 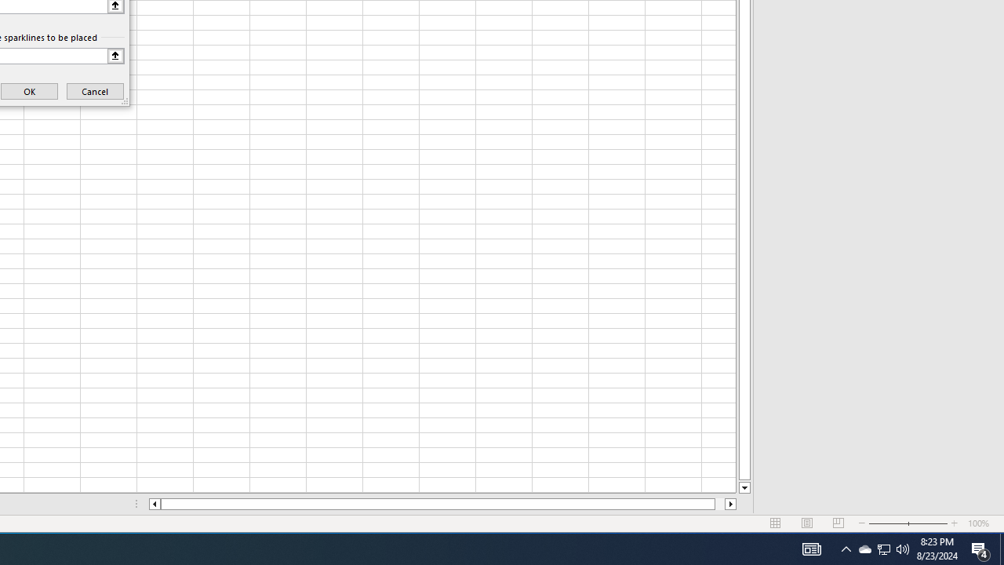 I want to click on 'Class: NetUIScrollBar', so click(x=442, y=504).